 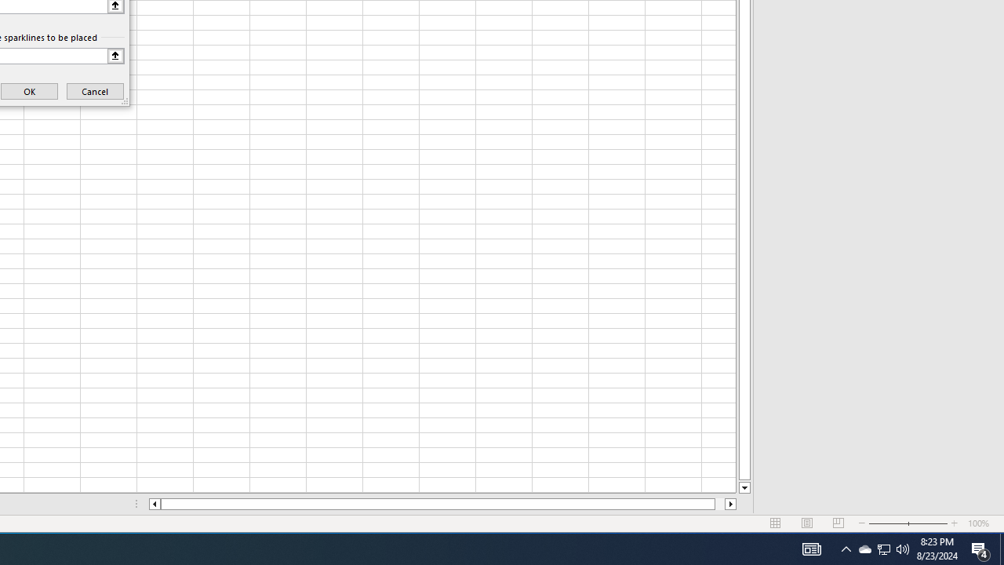 I want to click on 'Class: NetUIScrollBar', so click(x=442, y=504).